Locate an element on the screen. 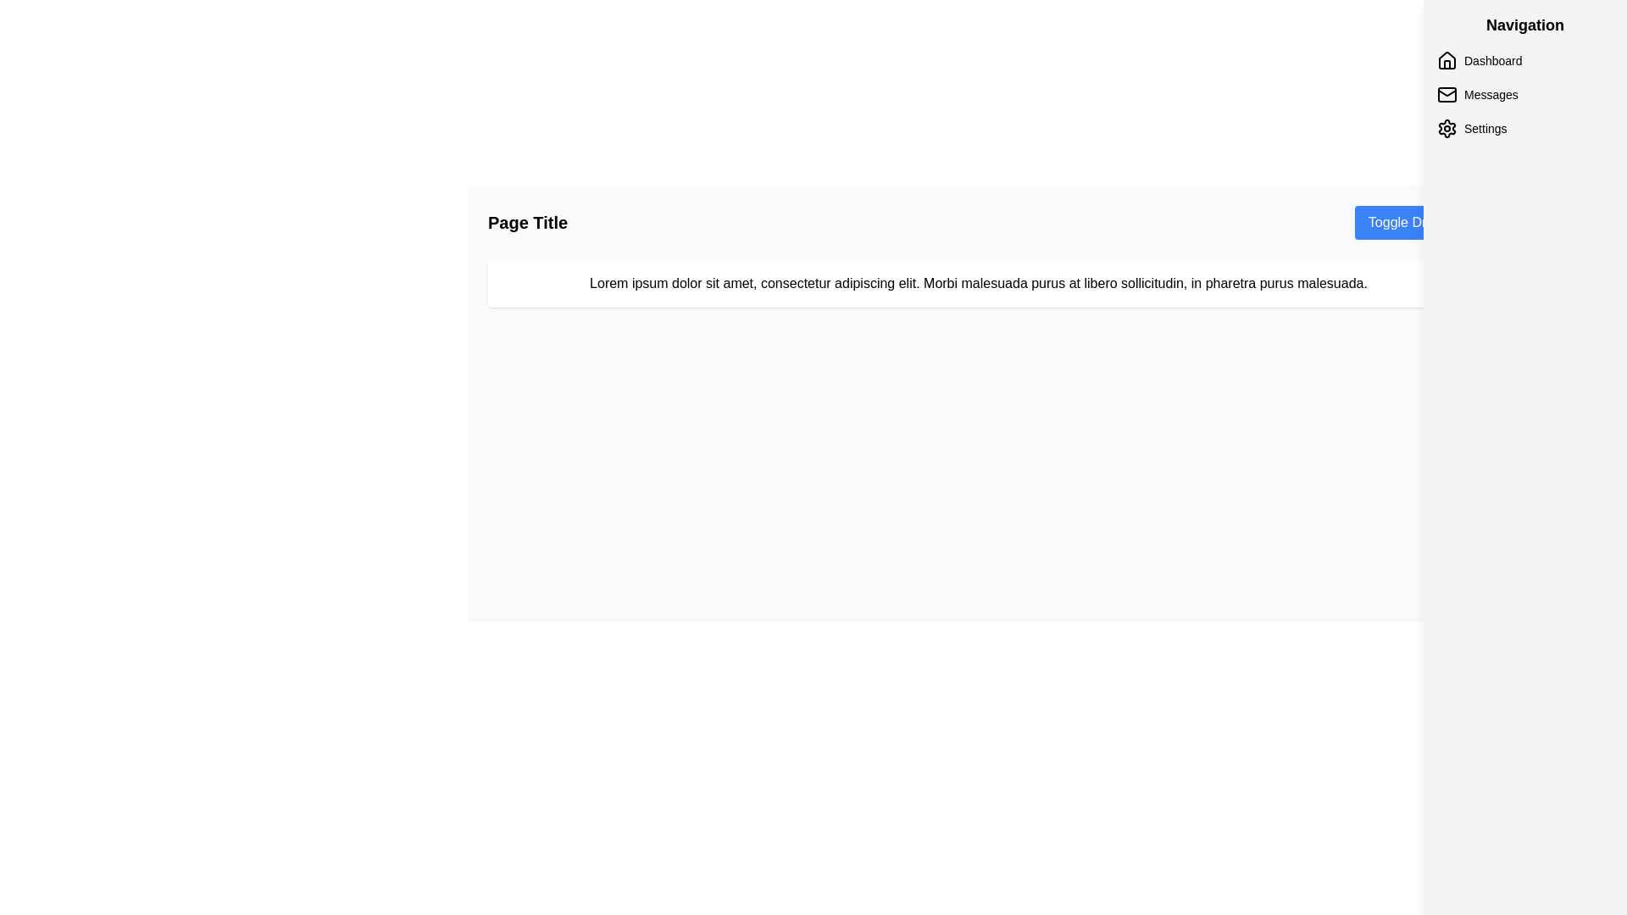  the 'Messages' menu item in the navigation menu for keyboard navigation is located at coordinates (1525, 94).